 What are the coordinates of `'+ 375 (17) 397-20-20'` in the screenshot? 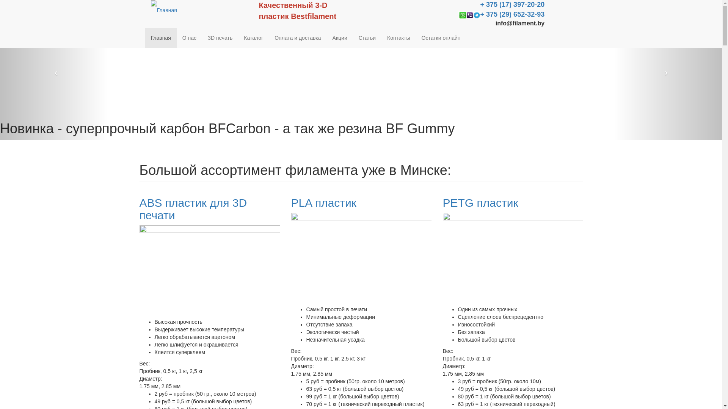 It's located at (480, 5).